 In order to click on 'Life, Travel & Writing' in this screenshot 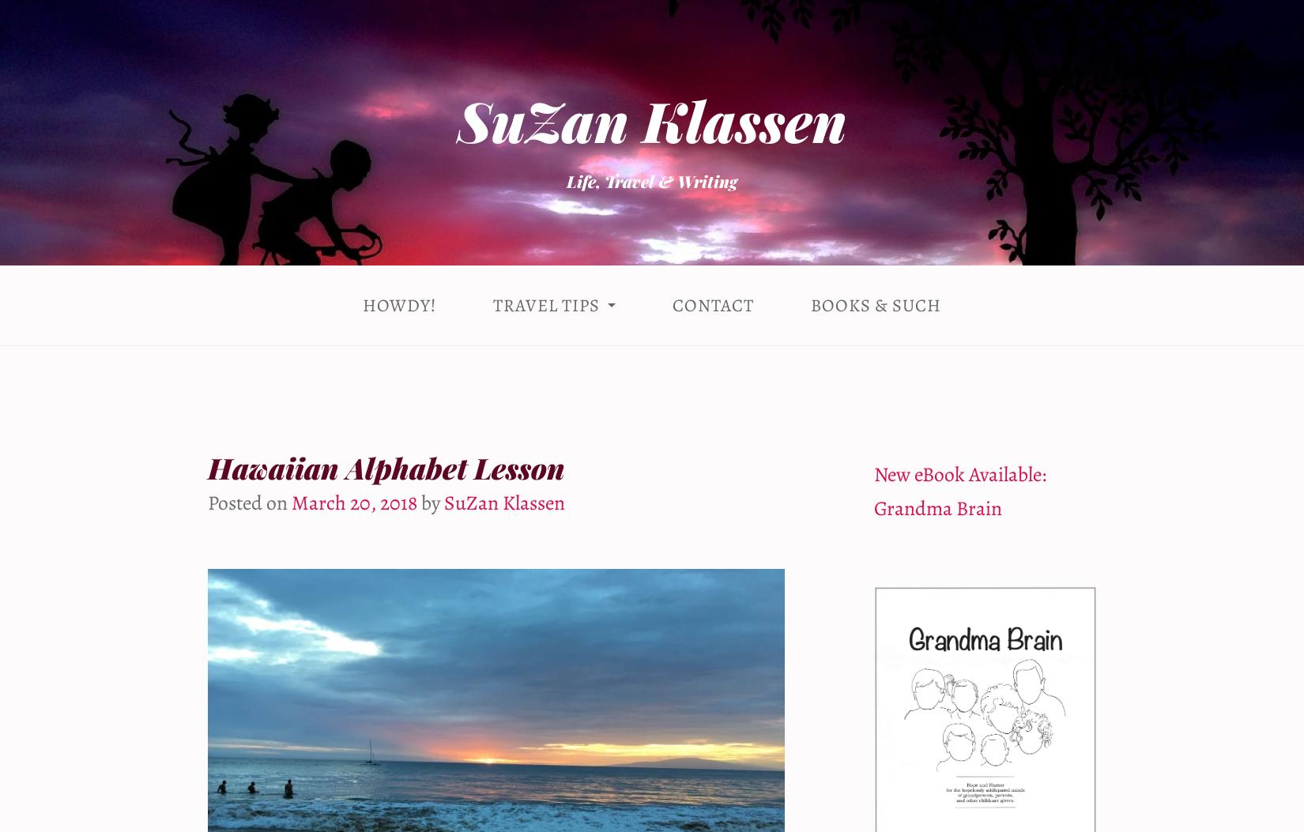, I will do `click(652, 179)`.